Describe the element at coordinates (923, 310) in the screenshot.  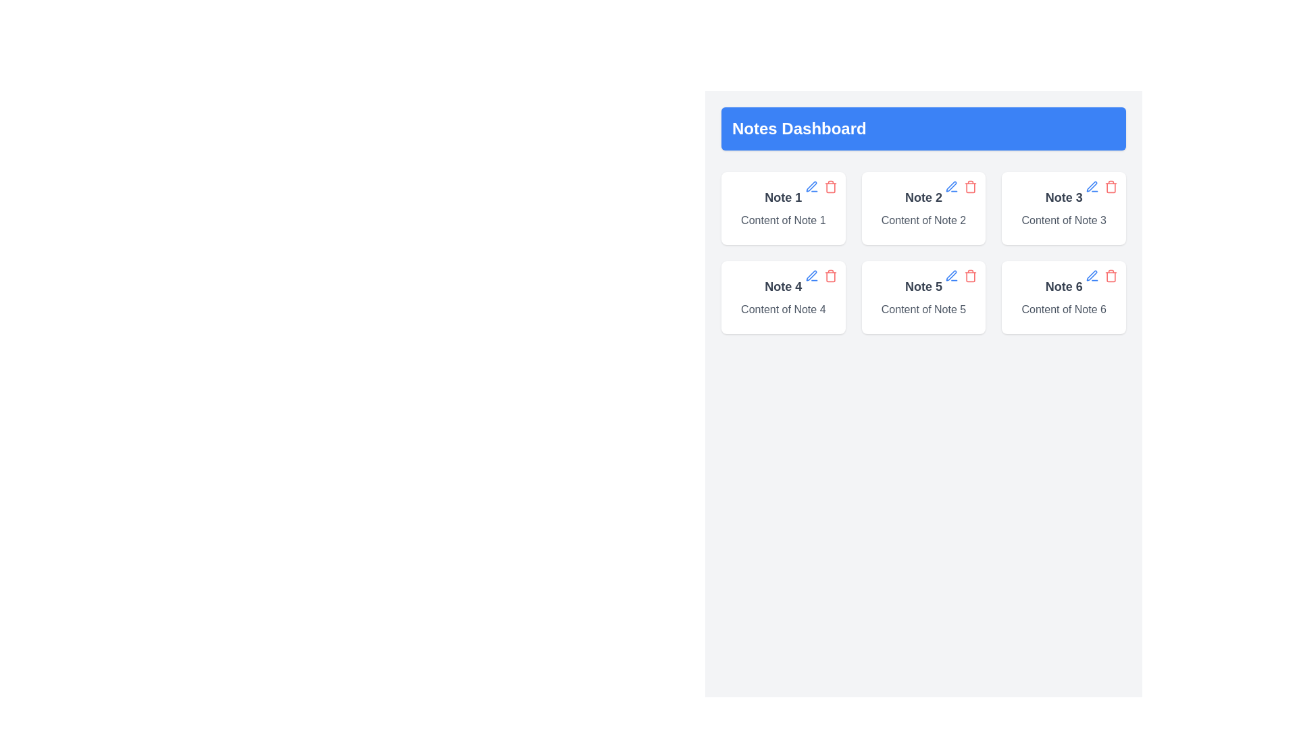
I see `the static informational text displaying details associated with 'Note 5', located in the third row and second column of the Notes Dashboard grid layout` at that location.